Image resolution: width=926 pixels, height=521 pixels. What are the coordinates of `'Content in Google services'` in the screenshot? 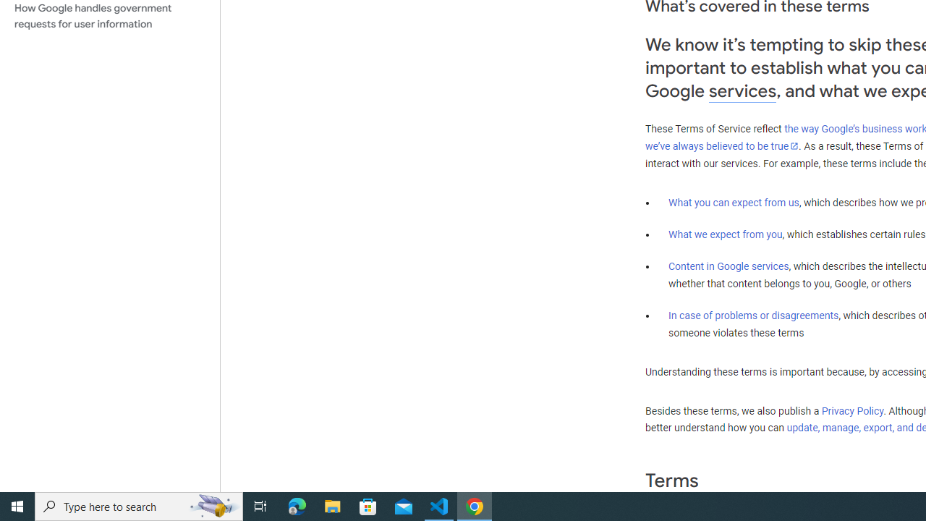 It's located at (729, 266).